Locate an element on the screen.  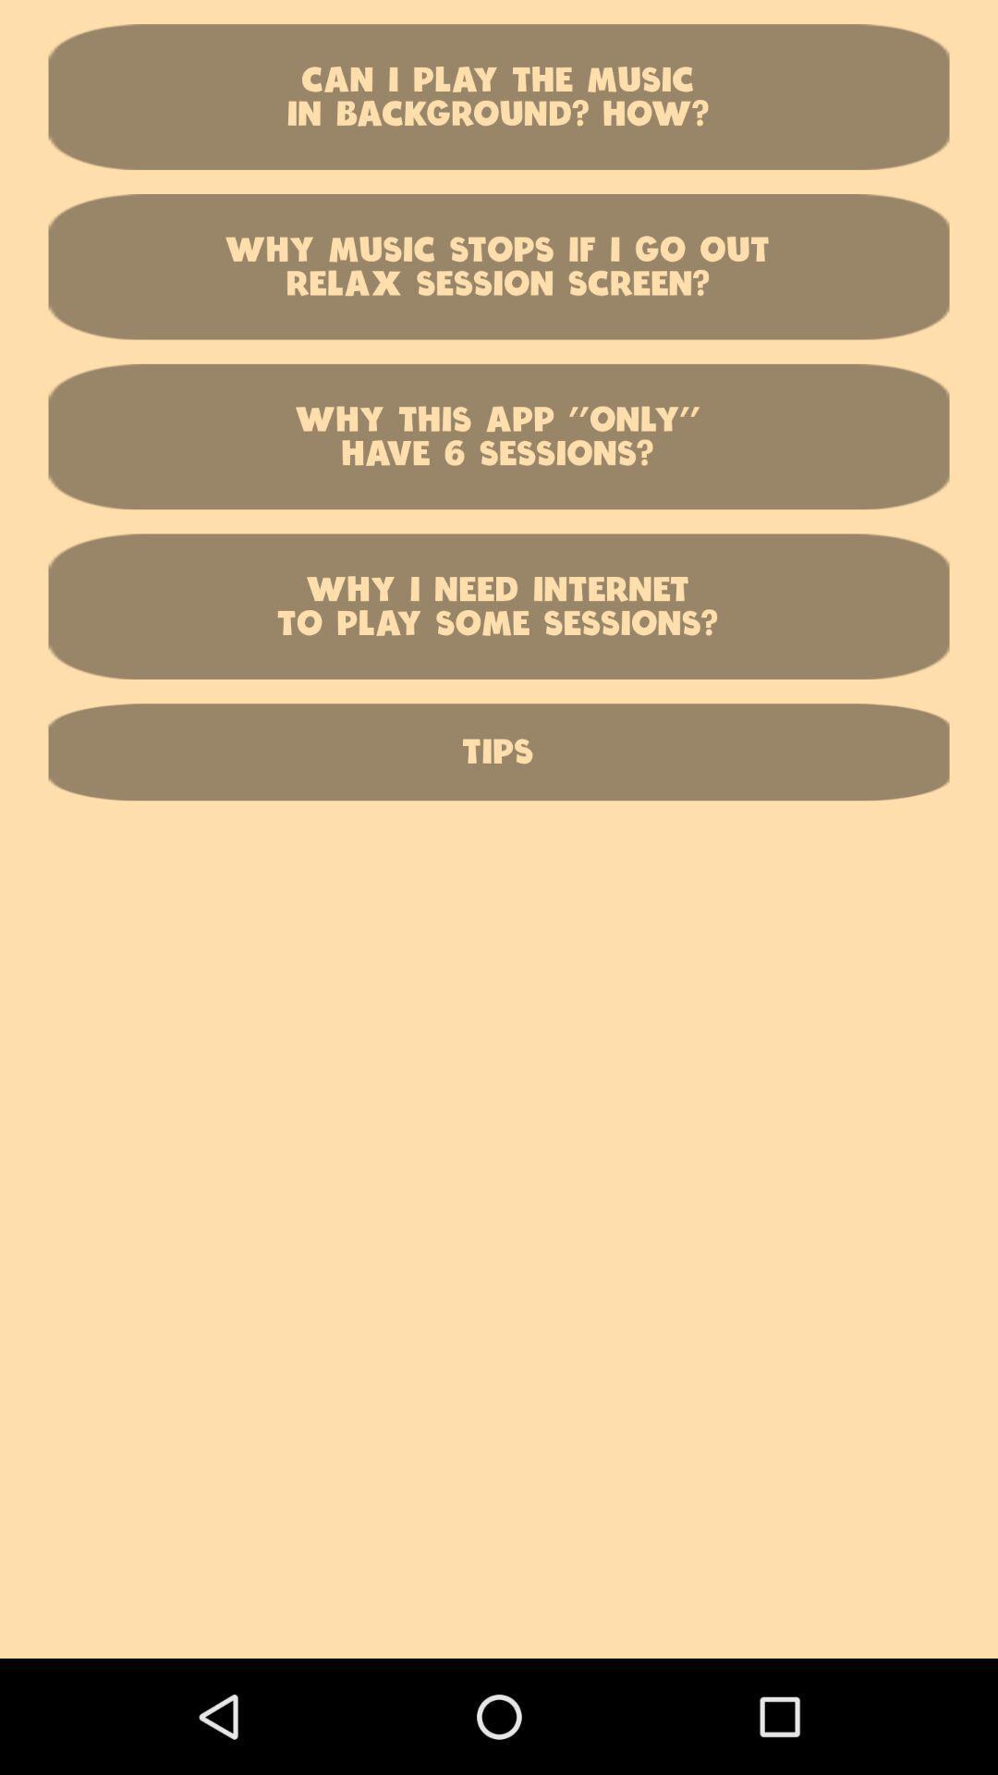
the item above why this app button is located at coordinates (499, 265).